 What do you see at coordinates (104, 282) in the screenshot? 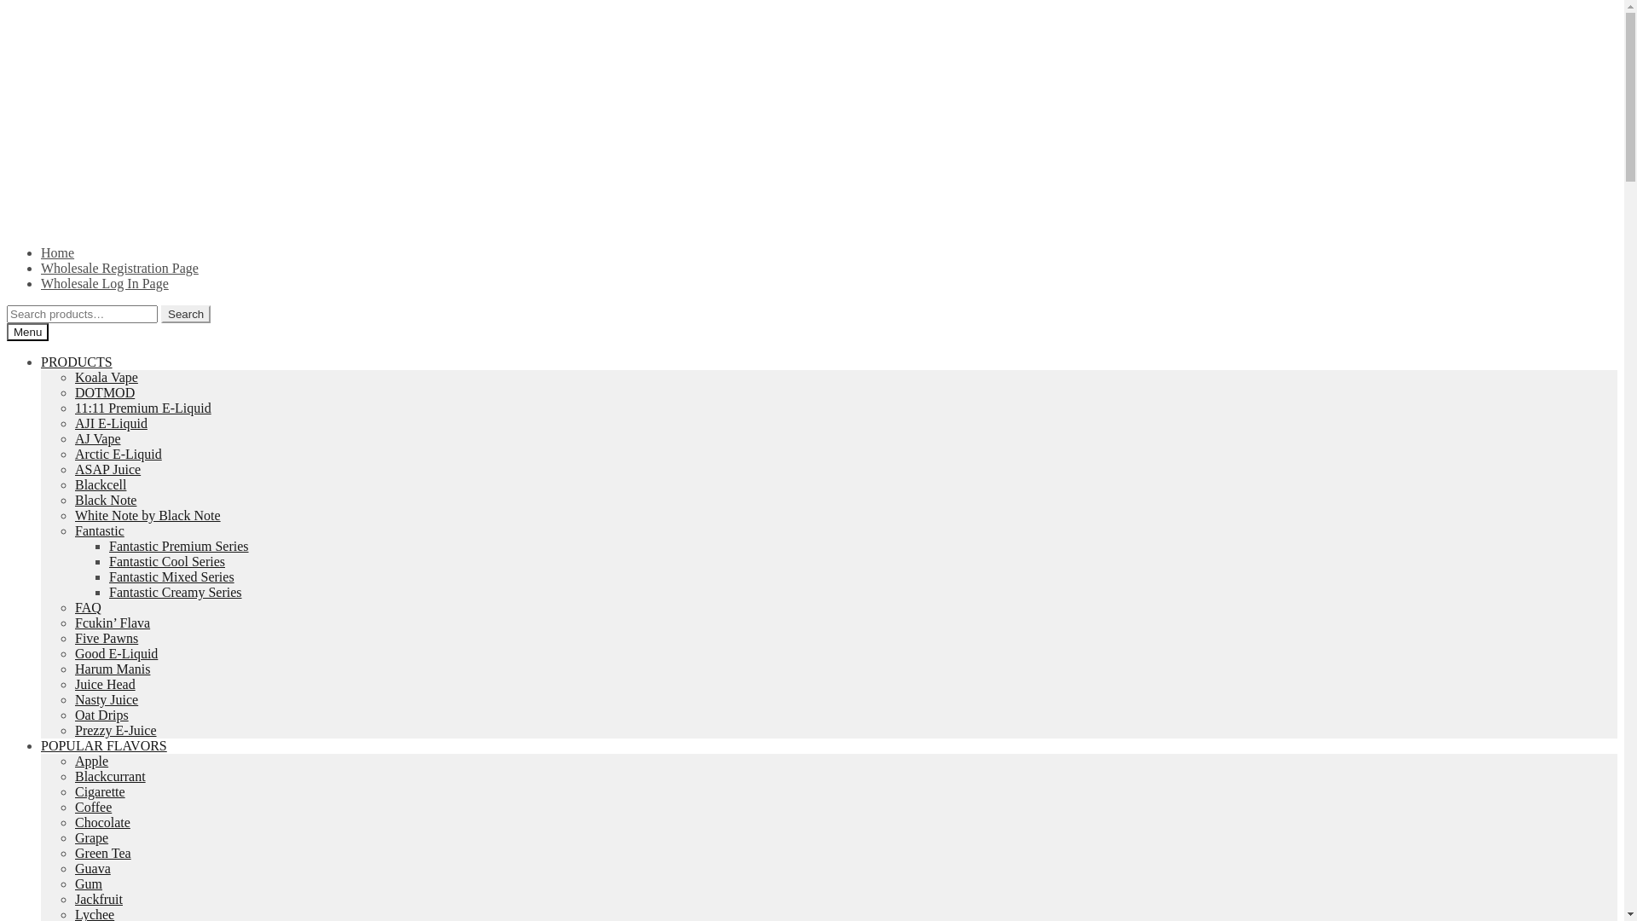
I see `'Wholesale Log In Page'` at bounding box center [104, 282].